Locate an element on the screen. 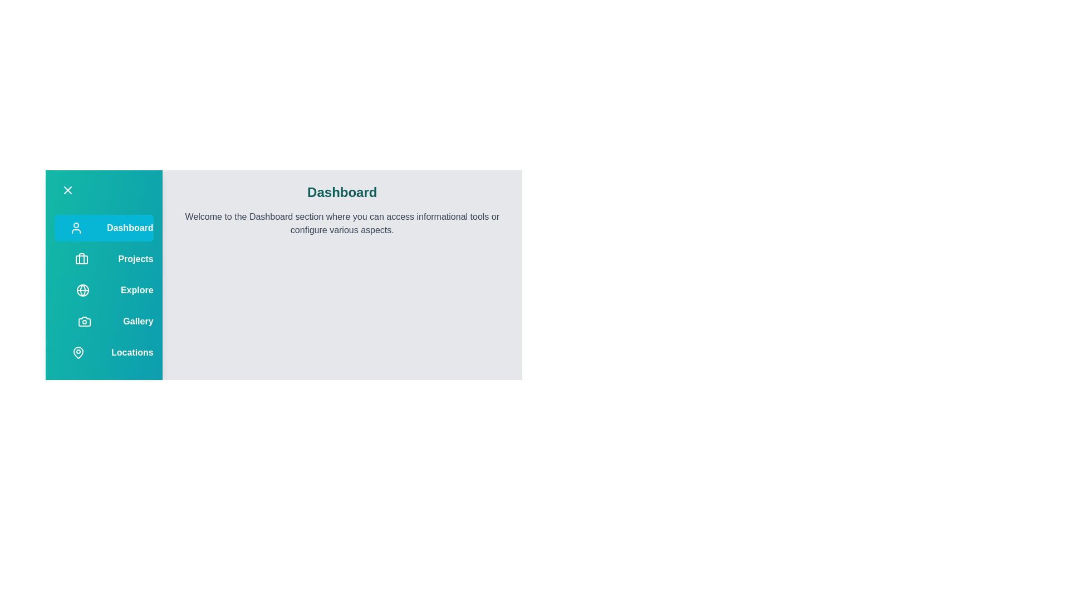 This screenshot has height=601, width=1069. the menu option Projects from the drawer is located at coordinates (104, 259).